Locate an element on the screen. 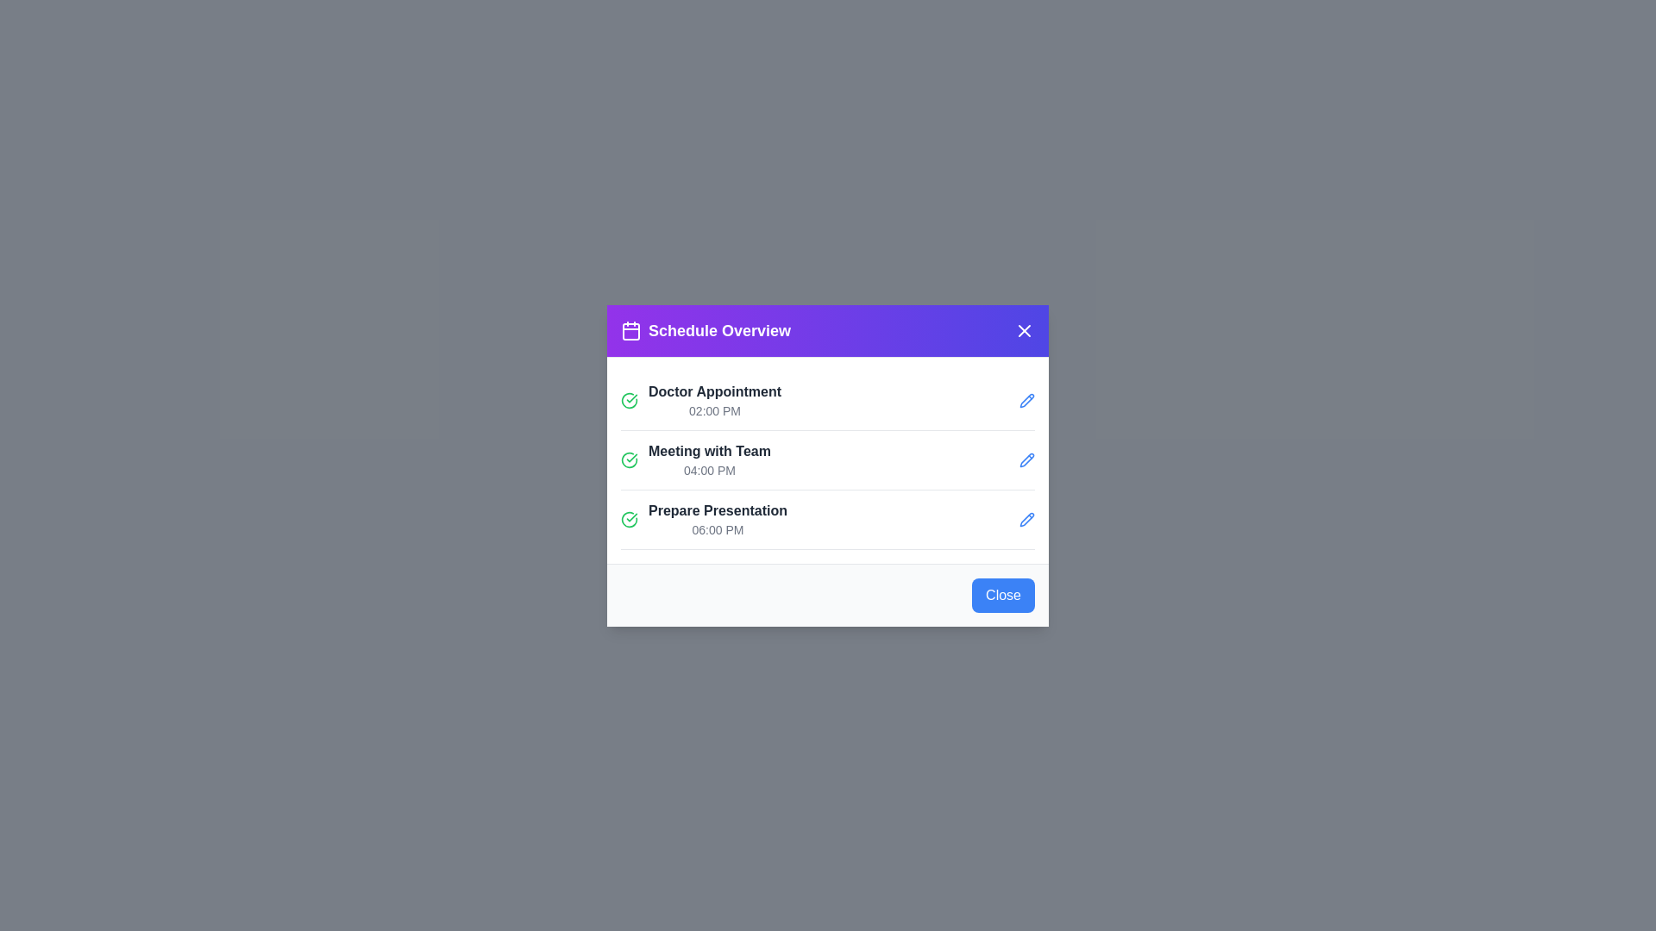 The height and width of the screenshot is (931, 1656). the first list item in the 'Schedule Overview' dialog is located at coordinates (828, 401).